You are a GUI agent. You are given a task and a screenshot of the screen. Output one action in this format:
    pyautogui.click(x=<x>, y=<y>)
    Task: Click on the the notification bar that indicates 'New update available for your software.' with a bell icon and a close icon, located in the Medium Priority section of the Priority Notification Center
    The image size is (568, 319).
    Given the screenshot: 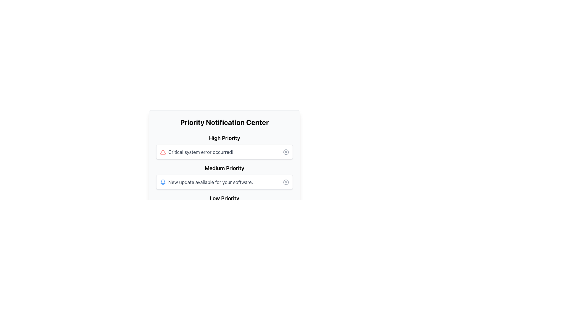 What is the action you would take?
    pyautogui.click(x=224, y=182)
    